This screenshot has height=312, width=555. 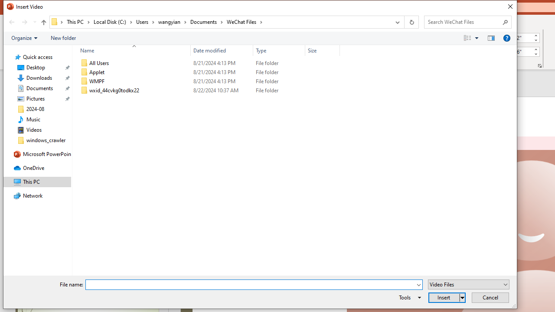 I want to click on 'All locations', so click(x=57, y=21).